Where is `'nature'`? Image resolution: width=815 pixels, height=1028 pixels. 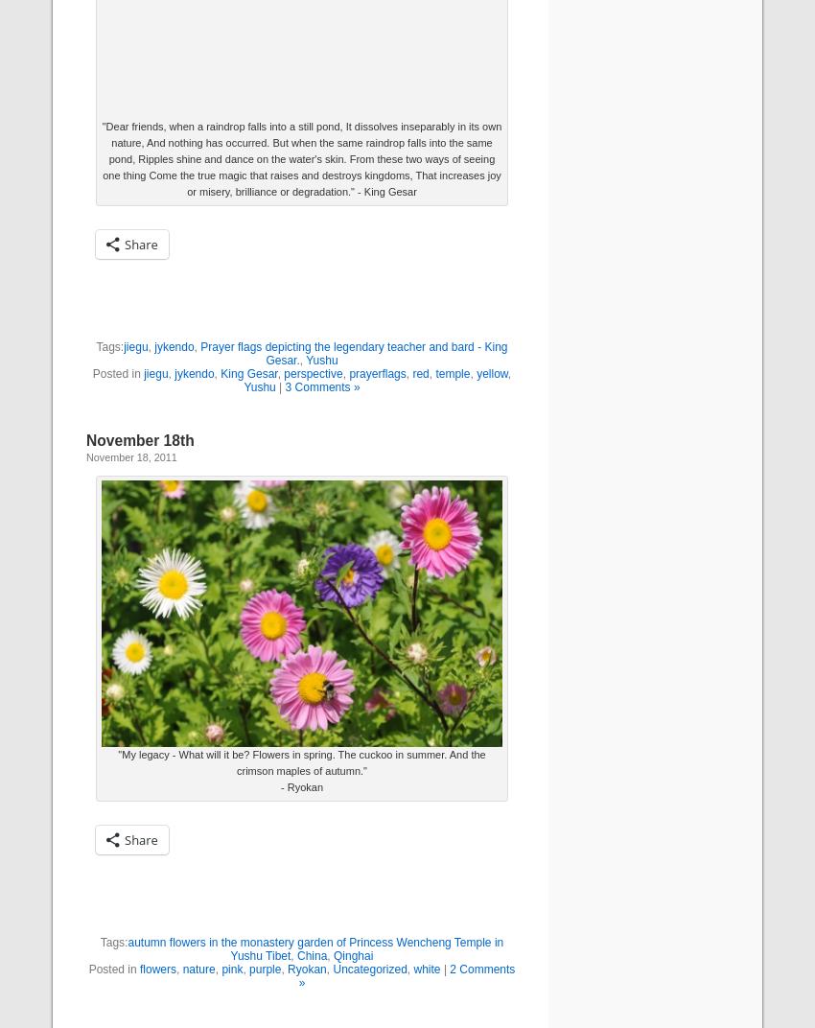 'nature' is located at coordinates (197, 969).